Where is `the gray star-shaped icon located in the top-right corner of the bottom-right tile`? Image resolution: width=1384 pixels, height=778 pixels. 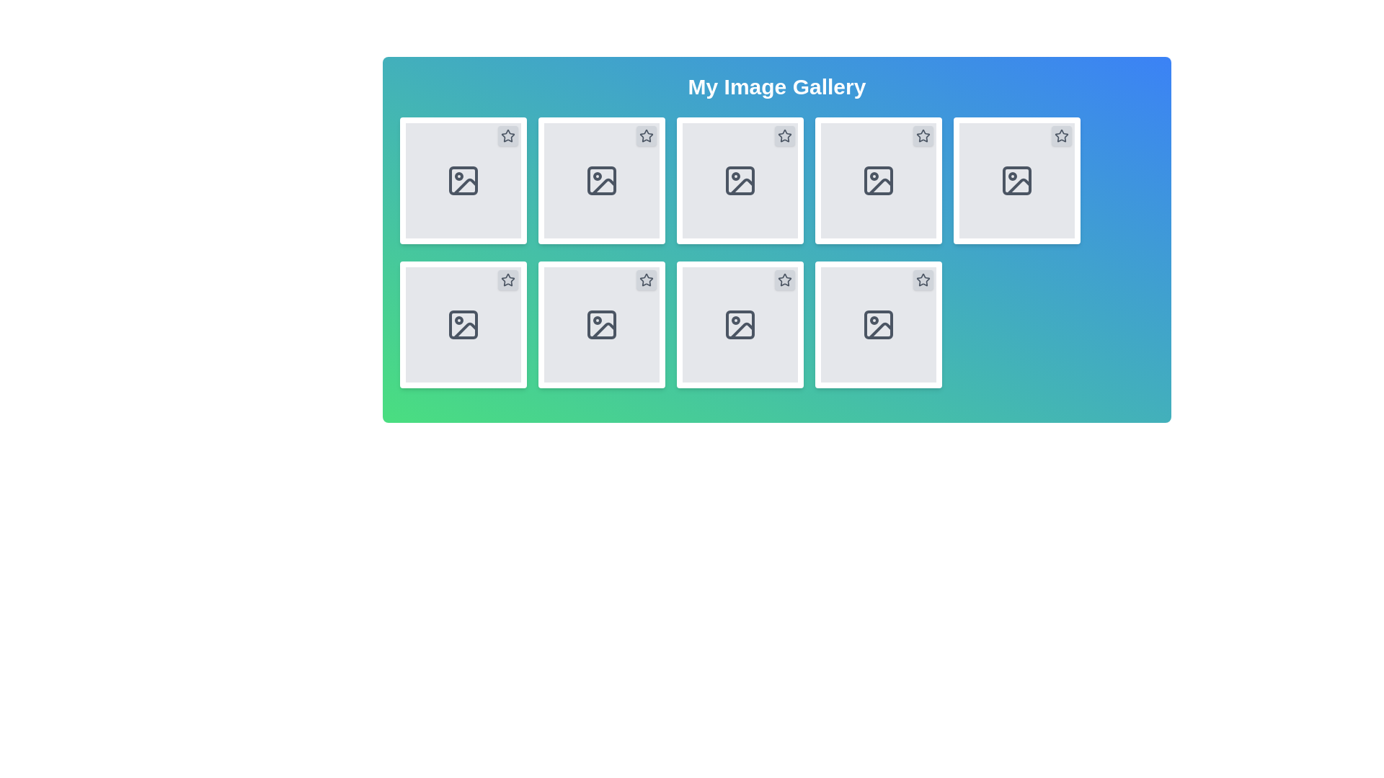
the gray star-shaped icon located in the top-right corner of the bottom-right tile is located at coordinates (923, 280).